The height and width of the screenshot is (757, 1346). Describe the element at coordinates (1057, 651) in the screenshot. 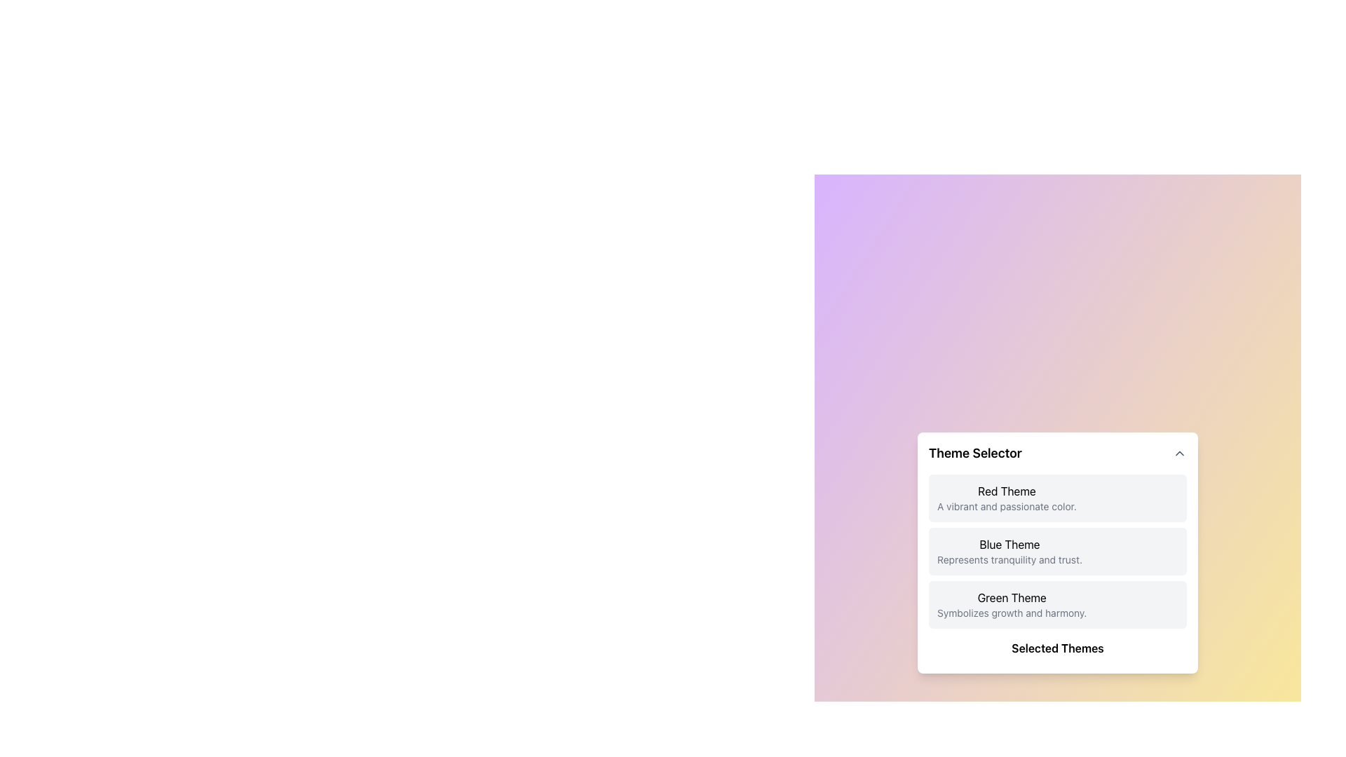

I see `the text label indicating the section for selected themes at the bottom of the theme selection card` at that location.